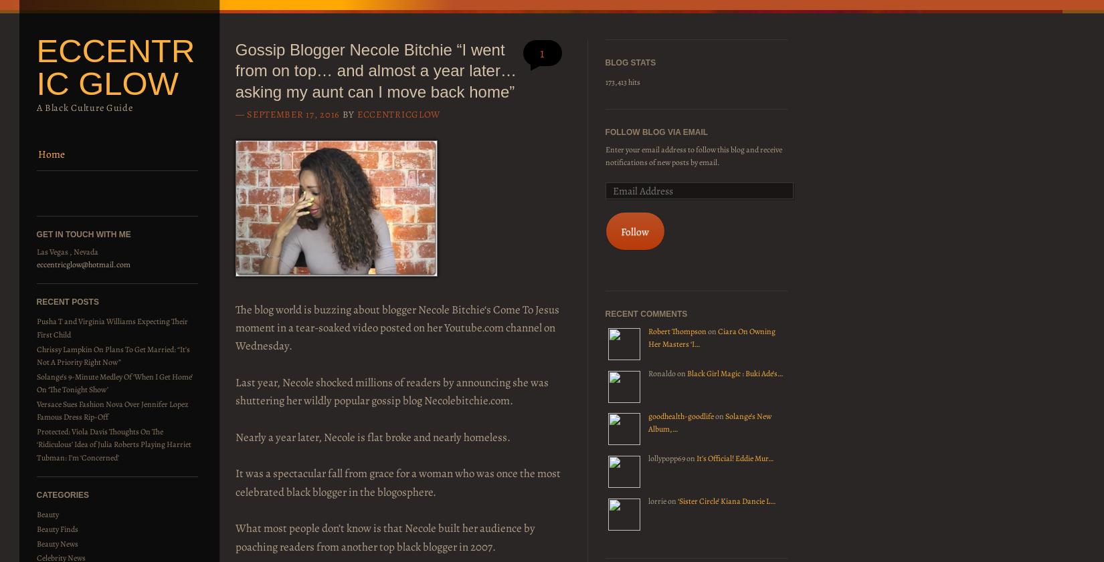 This screenshot has height=562, width=1104. What do you see at coordinates (35, 410) in the screenshot?
I see `'Versace Sues Fashion Nova Over  Jennifer Lopez Famous Dress Rip-Off'` at bounding box center [35, 410].